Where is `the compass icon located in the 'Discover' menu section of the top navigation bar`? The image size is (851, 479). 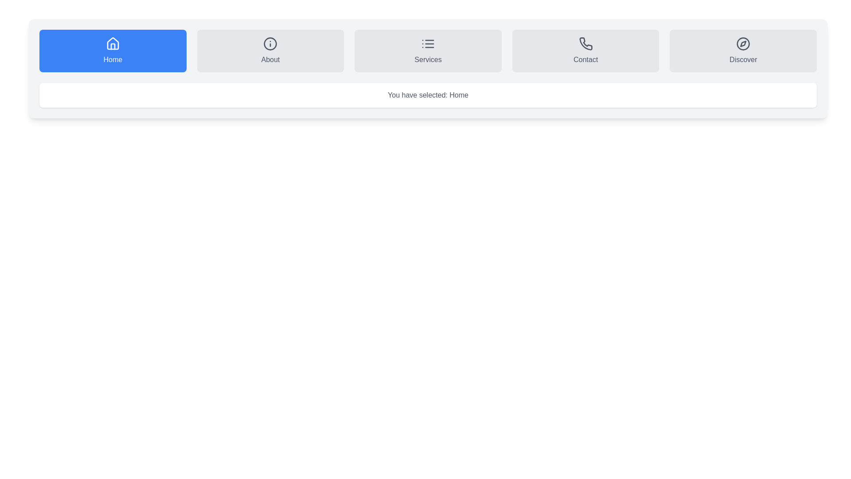
the compass icon located in the 'Discover' menu section of the top navigation bar is located at coordinates (743, 44).